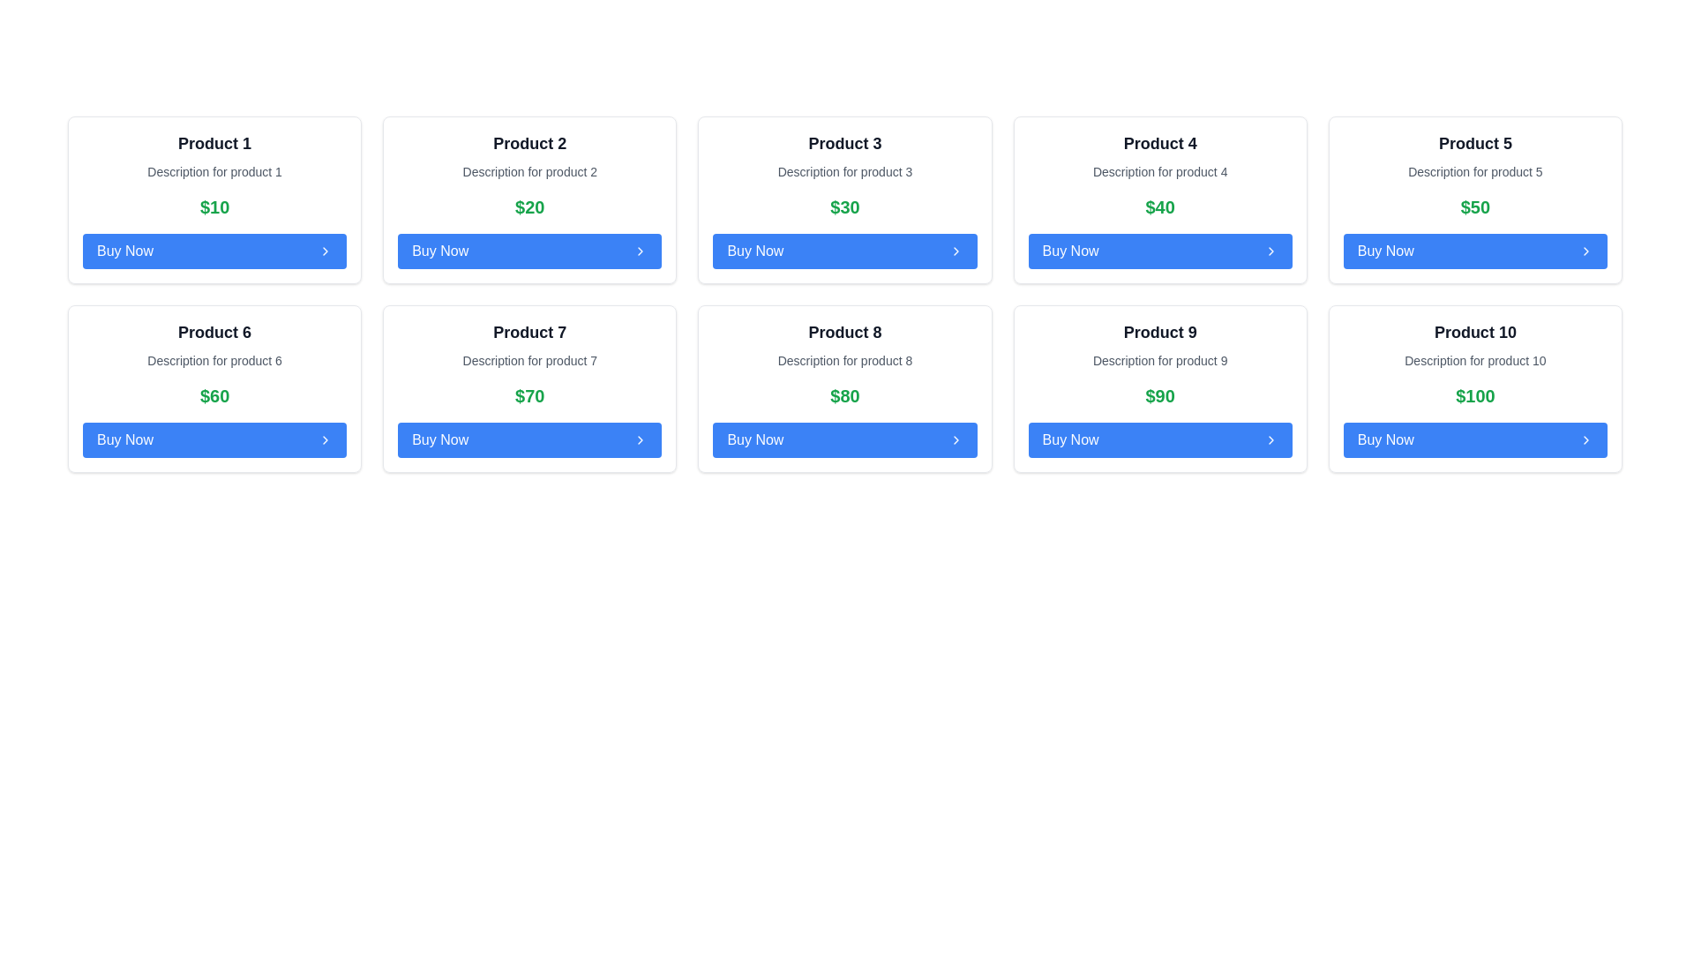 The height and width of the screenshot is (953, 1694). I want to click on the static text displaying the price of 'Product 9', located in the bottom-left corner of its card, centrally positioned between the product description and the purchase button, so click(1160, 394).